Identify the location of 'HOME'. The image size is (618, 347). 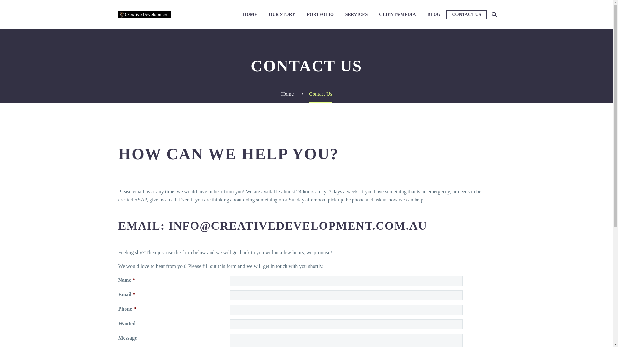
(250, 14).